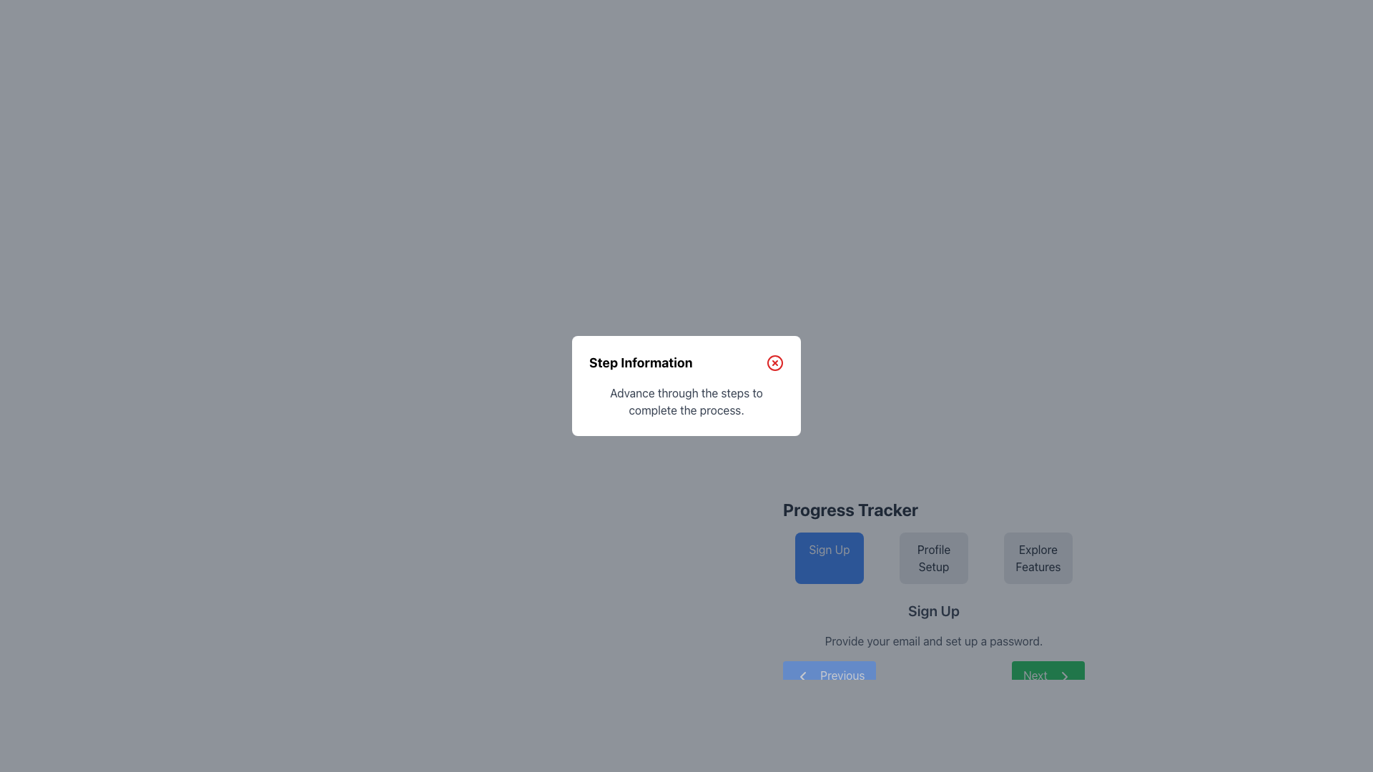  What do you see at coordinates (933, 540) in the screenshot?
I see `the second button in the row of three buttons that represents the 'Profile Setup' stage within the 'Progress Tracker' section` at bounding box center [933, 540].